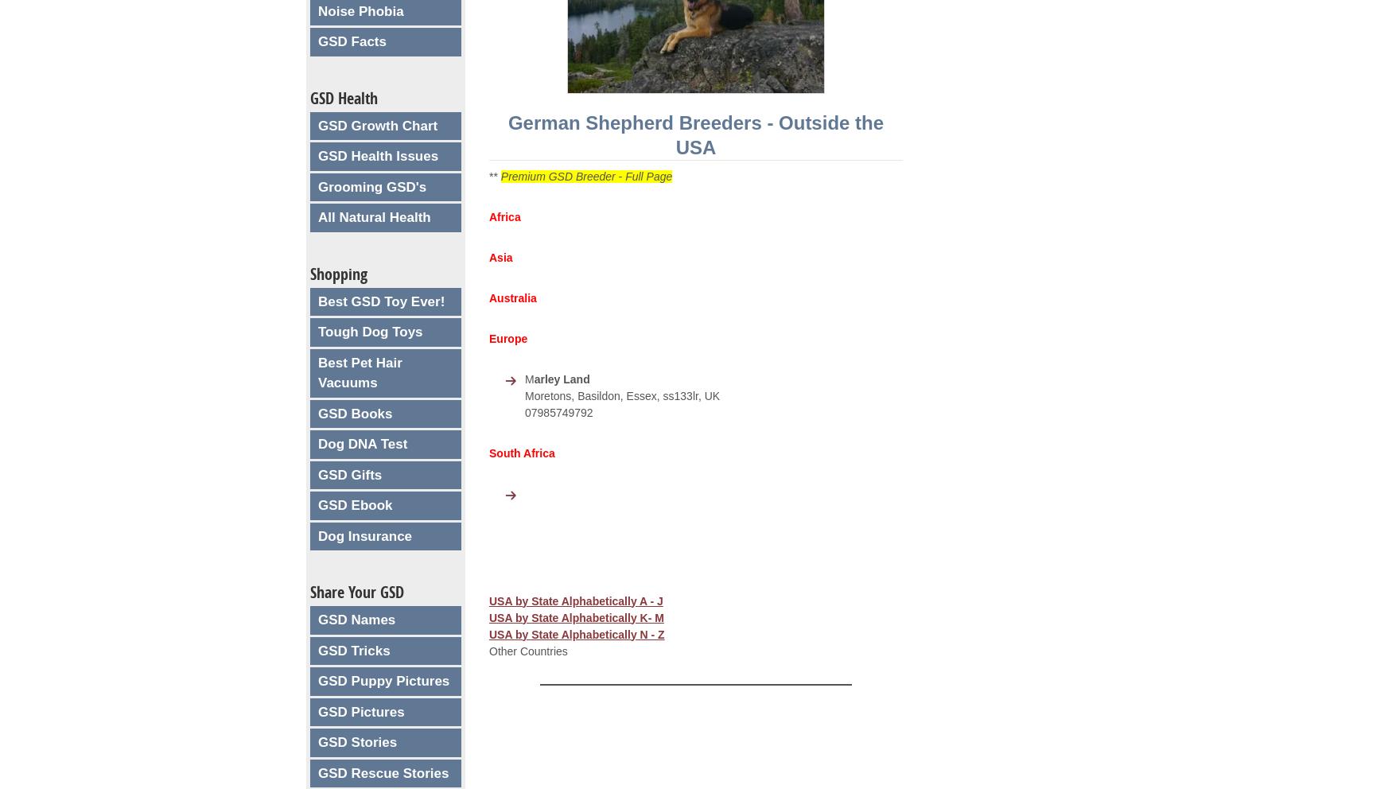 Image resolution: width=1392 pixels, height=789 pixels. Describe the element at coordinates (683, 741) in the screenshot. I see `'before bringing taking any of their German Shepherd Dogs or puppies home with you.'` at that location.